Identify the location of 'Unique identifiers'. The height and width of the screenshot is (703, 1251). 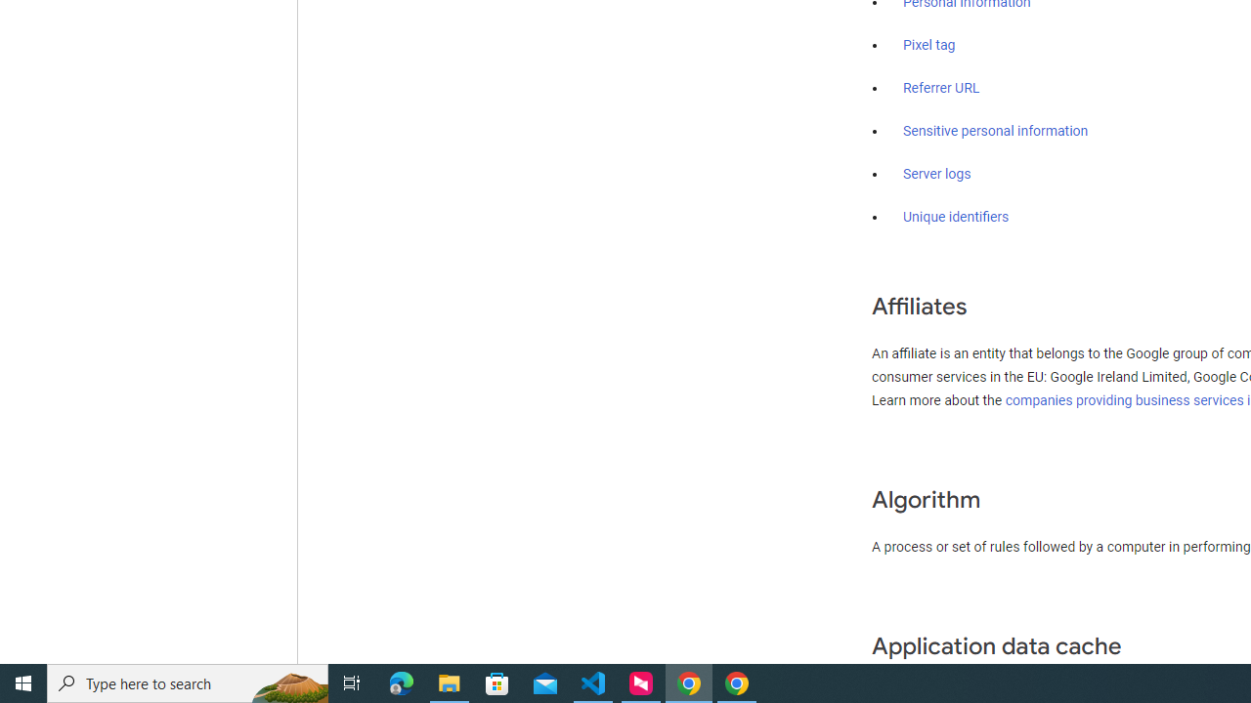
(956, 217).